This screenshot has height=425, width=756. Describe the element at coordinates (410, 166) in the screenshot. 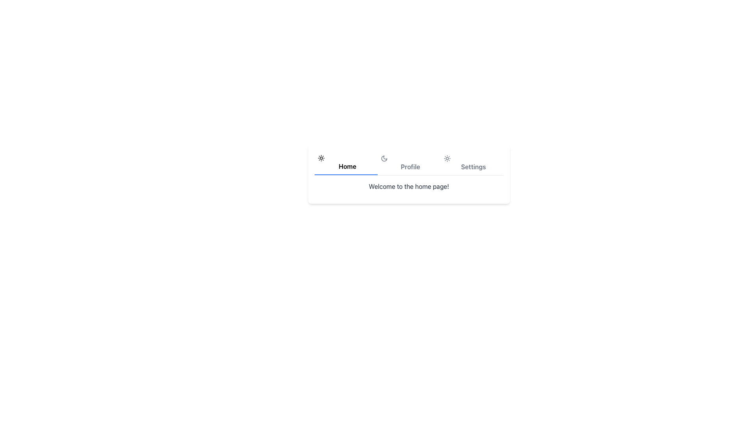

I see `the 'Profile' text label, which is displayed in medium-sized gray sans-serif font, located centrally in the navigation menu between 'Home' and 'Settings'` at that location.